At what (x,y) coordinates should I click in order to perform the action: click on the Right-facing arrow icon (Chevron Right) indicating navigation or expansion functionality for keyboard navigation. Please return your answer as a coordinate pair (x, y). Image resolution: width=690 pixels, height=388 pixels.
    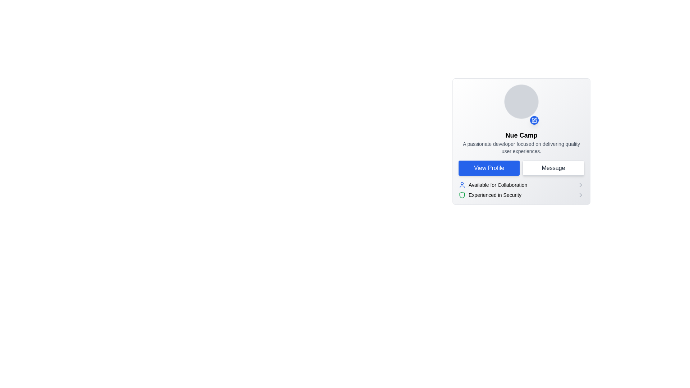
    Looking at the image, I should click on (581, 185).